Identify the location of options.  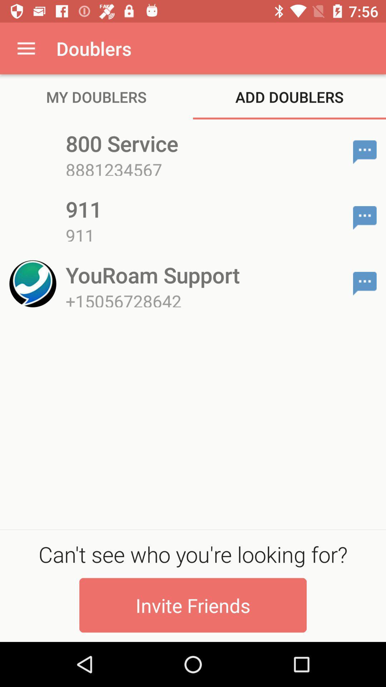
(365, 218).